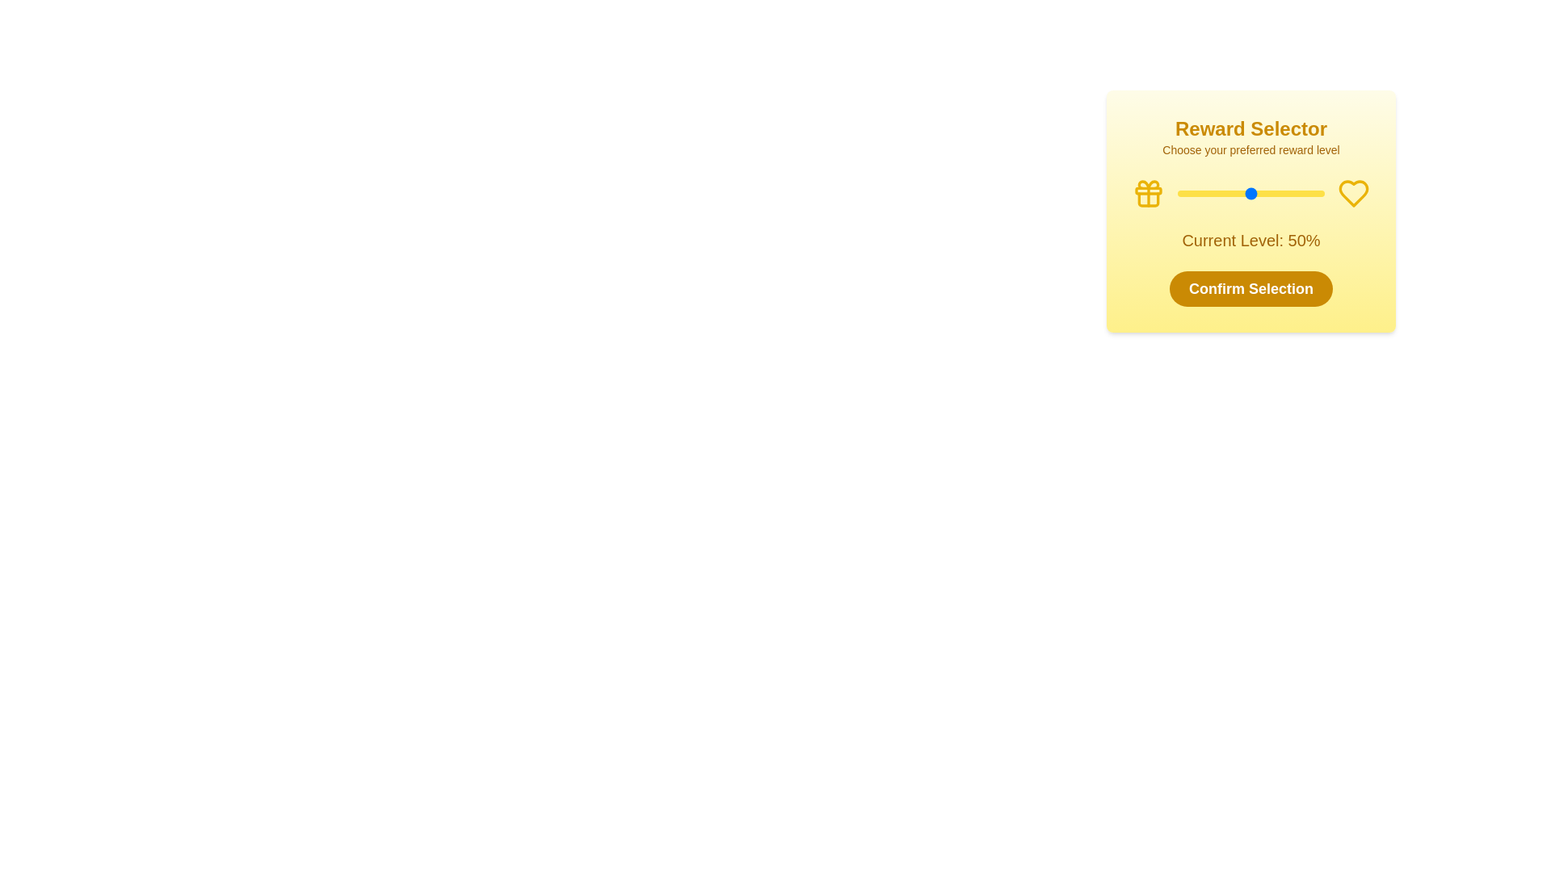 The width and height of the screenshot is (1551, 872). I want to click on the reward level, so click(1247, 192).